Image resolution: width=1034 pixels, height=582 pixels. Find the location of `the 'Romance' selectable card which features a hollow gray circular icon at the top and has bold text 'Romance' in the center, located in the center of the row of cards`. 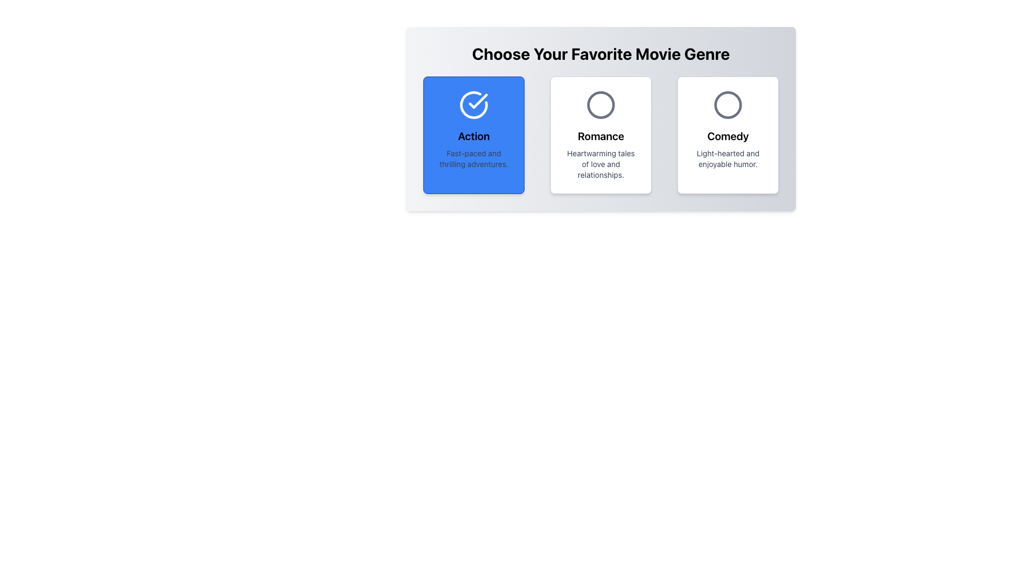

the 'Romance' selectable card which features a hollow gray circular icon at the top and has bold text 'Romance' in the center, located in the center of the row of cards is located at coordinates (600, 134).